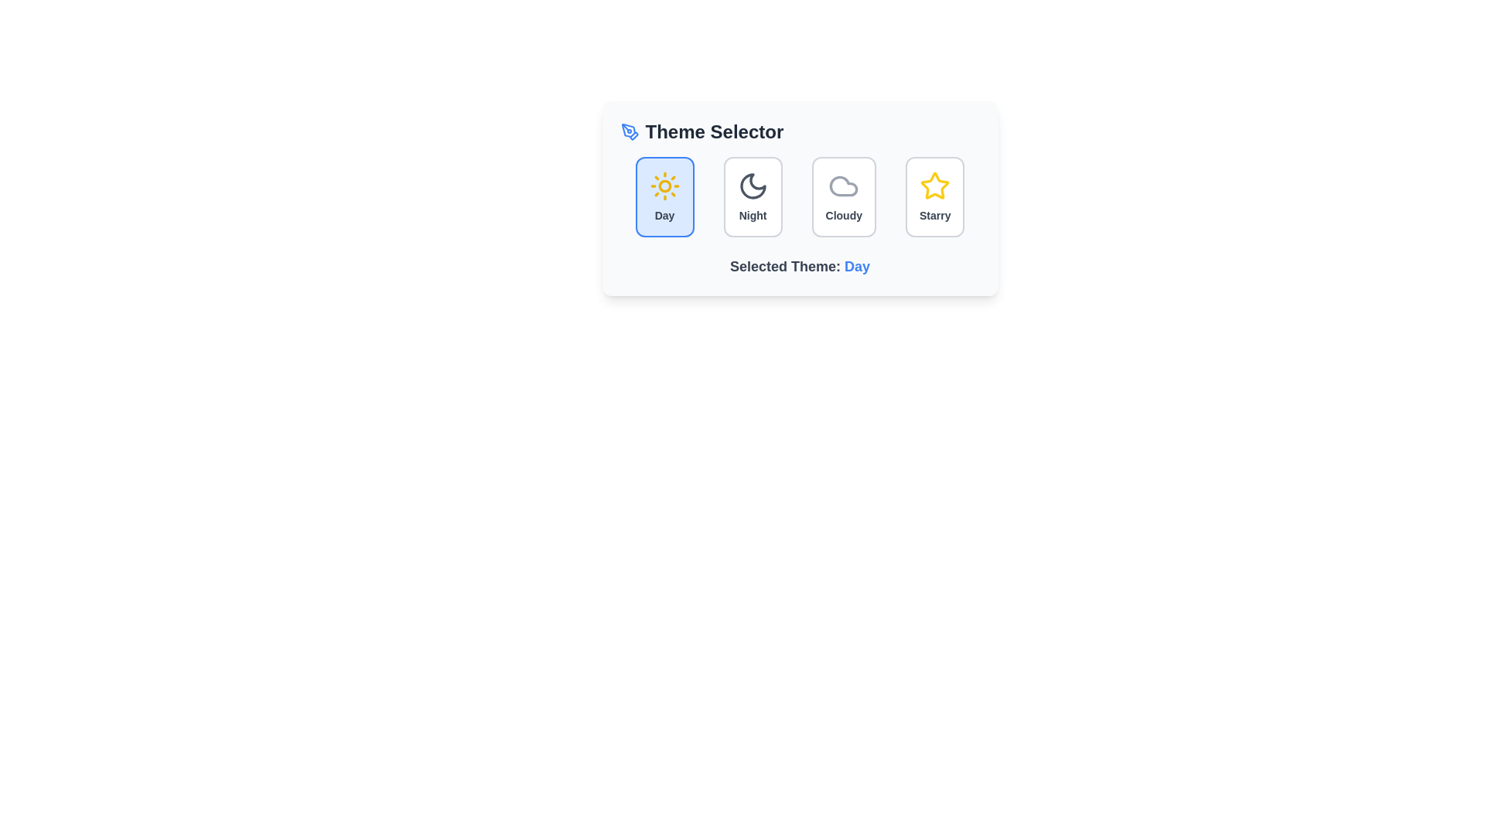 This screenshot has width=1485, height=835. Describe the element at coordinates (753, 196) in the screenshot. I see `the 'Night' theme button, which is a rectangular selection box with a moon icon and a bold gray 'Night' label below it, located within the 'Theme Selector' panel` at that location.